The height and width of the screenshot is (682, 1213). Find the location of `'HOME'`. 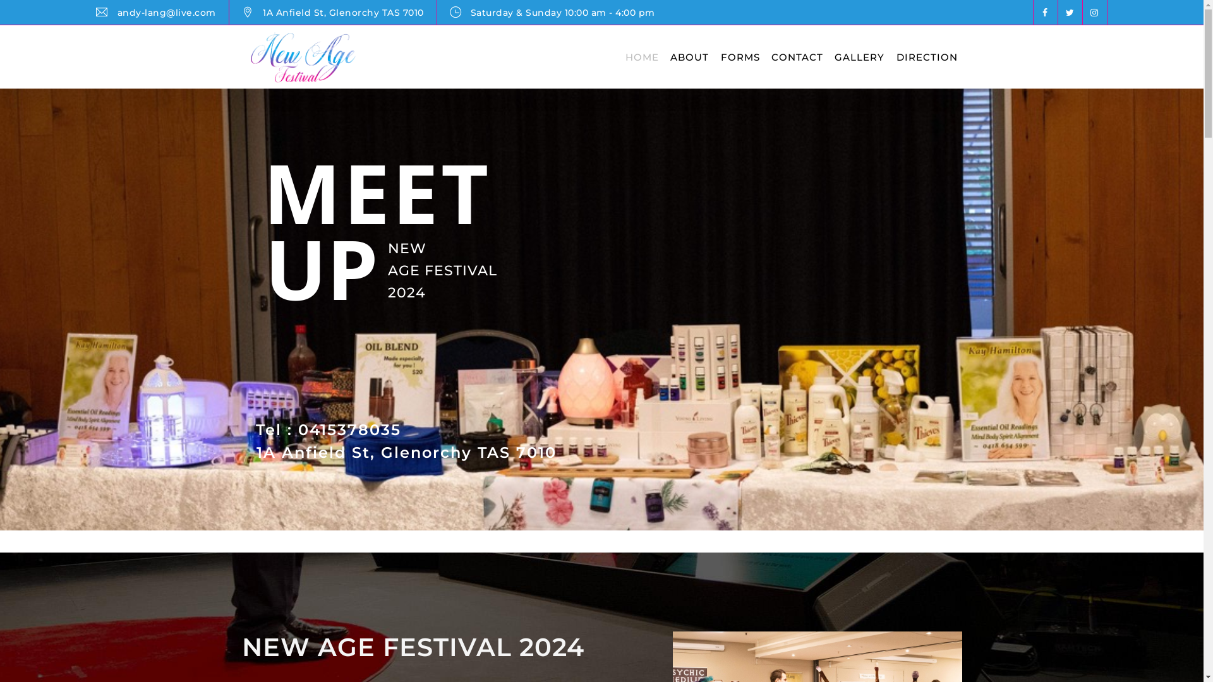

'HOME' is located at coordinates (642, 57).